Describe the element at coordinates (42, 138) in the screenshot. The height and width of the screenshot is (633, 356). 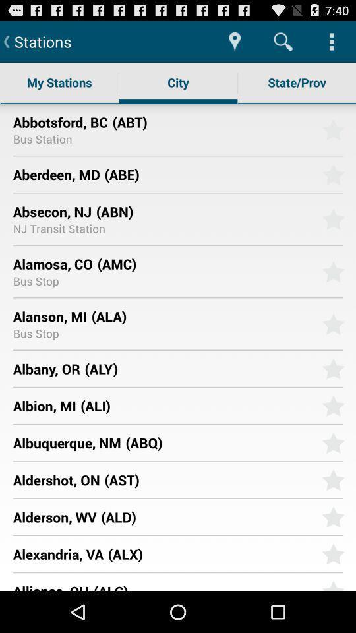
I see `bus station` at that location.